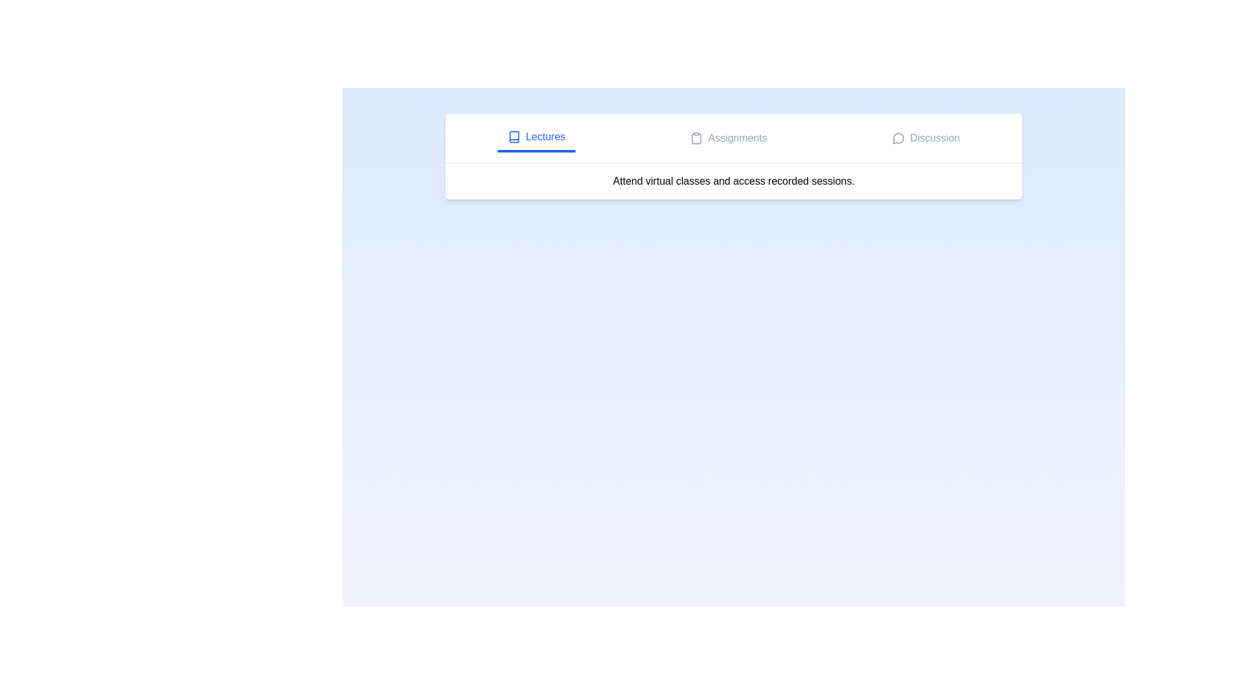  I want to click on the Lectures tab to view its content, so click(536, 138).